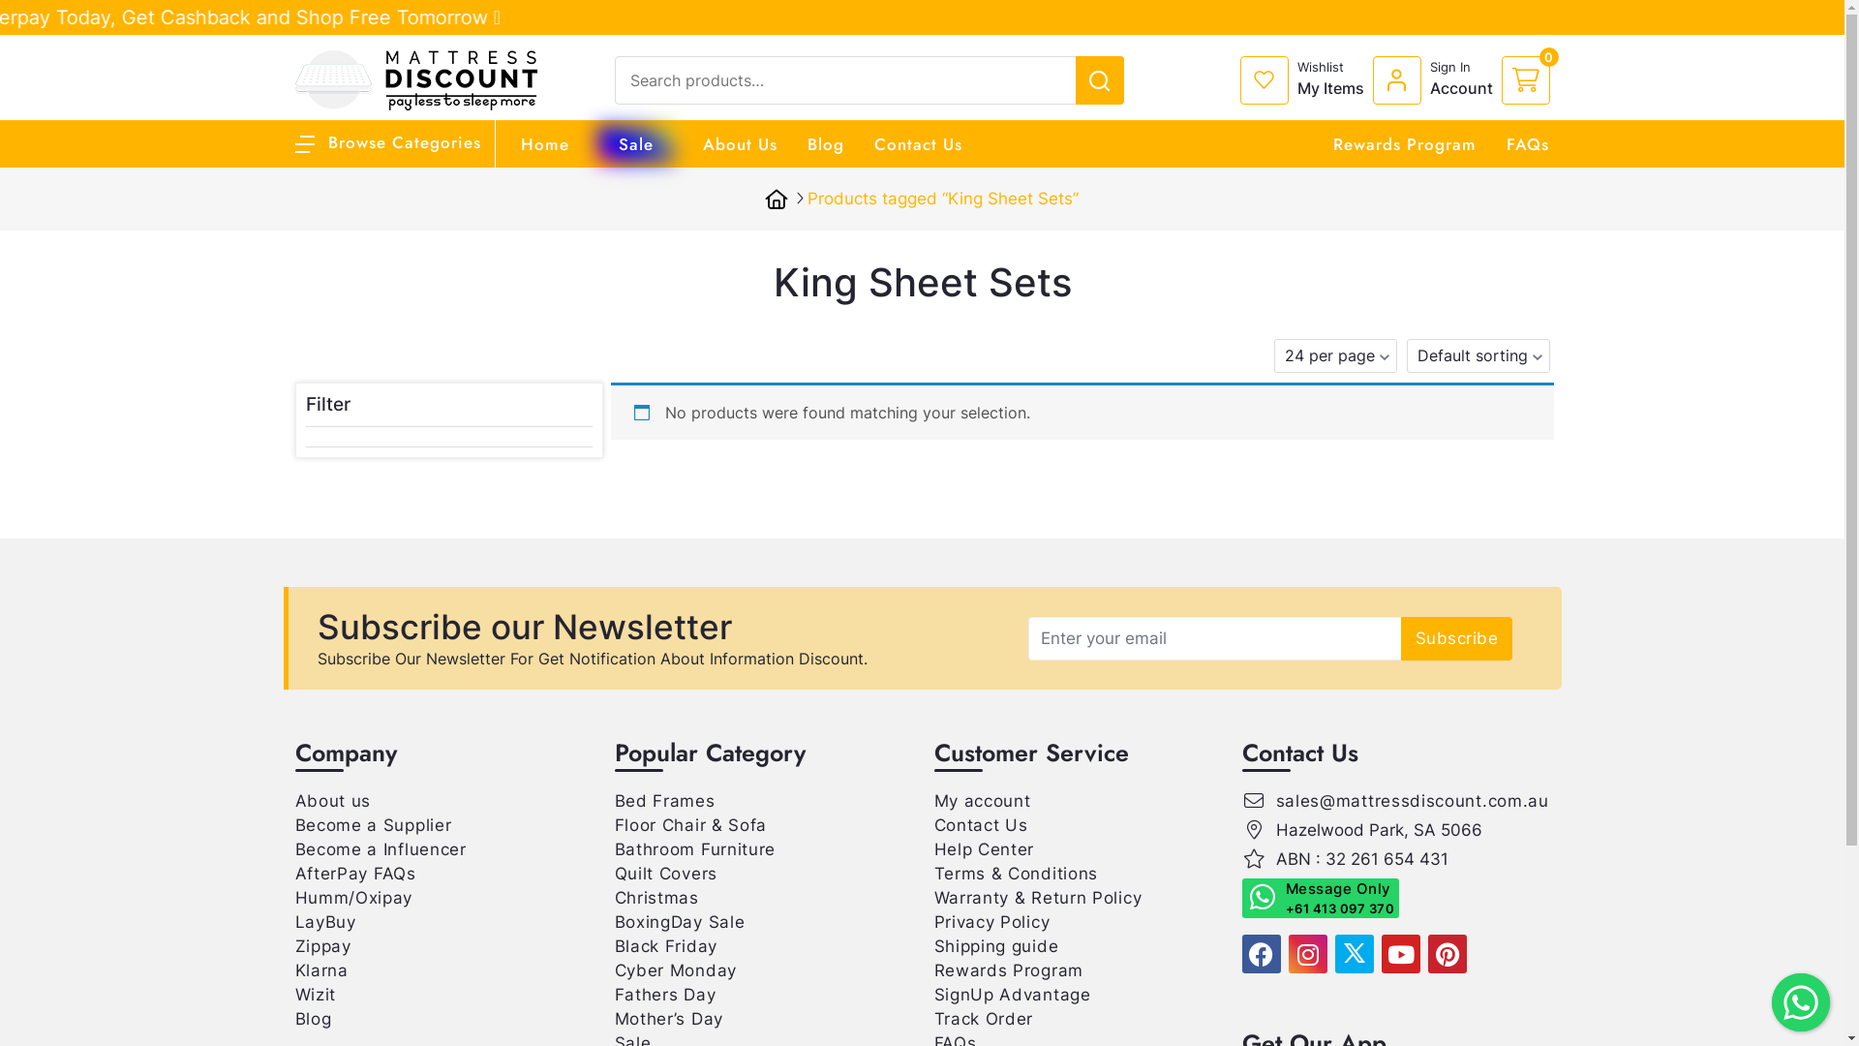 Image resolution: width=1859 pixels, height=1046 pixels. Describe the element at coordinates (386, 140) in the screenshot. I see `'Browse Categories'` at that location.